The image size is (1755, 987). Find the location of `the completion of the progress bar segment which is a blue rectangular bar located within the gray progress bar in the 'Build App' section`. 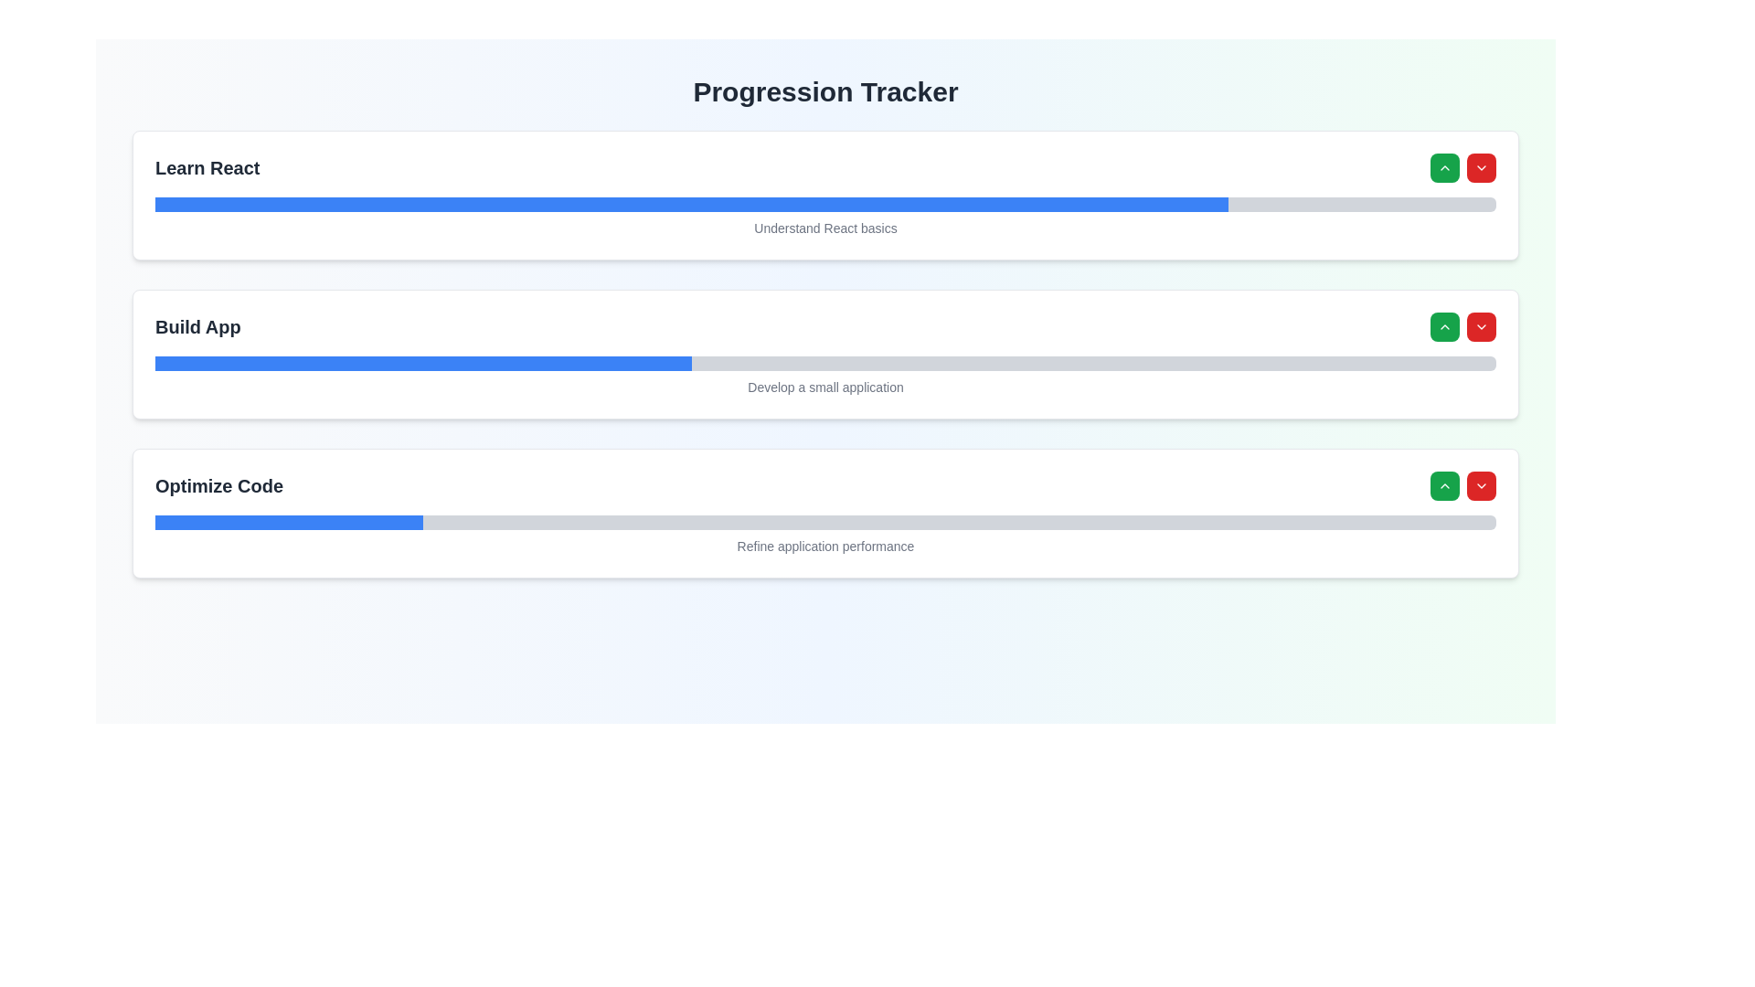

the completion of the progress bar segment which is a blue rectangular bar located within the gray progress bar in the 'Build App' section is located at coordinates (422, 363).